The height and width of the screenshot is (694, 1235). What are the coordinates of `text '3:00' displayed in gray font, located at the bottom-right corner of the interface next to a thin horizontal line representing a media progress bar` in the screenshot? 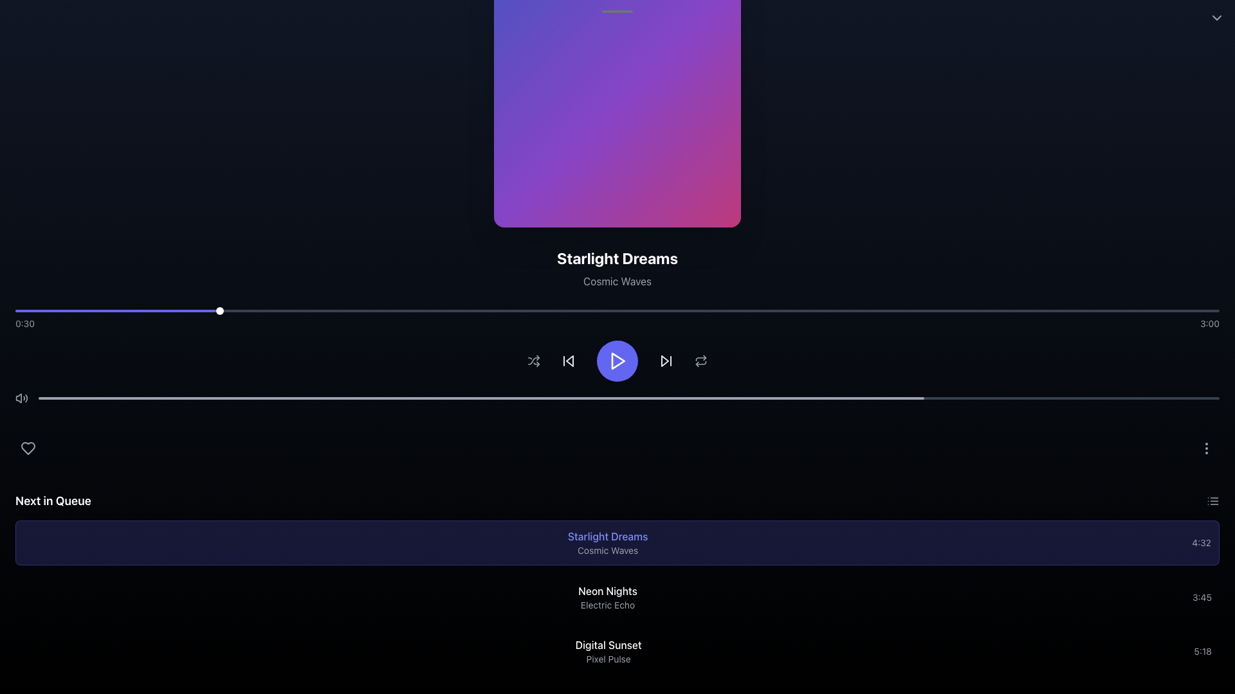 It's located at (1209, 323).